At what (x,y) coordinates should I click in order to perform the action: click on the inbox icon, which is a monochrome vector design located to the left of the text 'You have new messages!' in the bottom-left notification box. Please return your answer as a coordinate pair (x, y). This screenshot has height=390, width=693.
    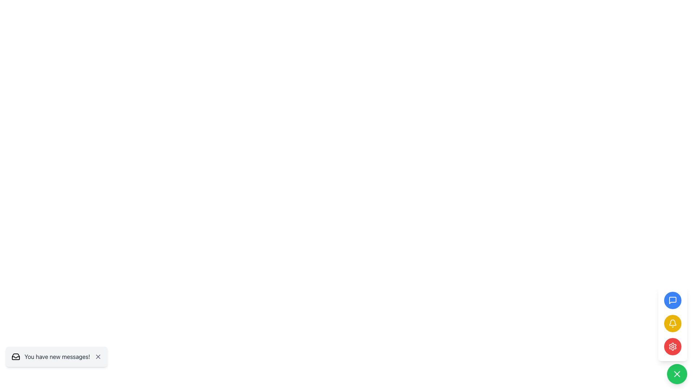
    Looking at the image, I should click on (16, 356).